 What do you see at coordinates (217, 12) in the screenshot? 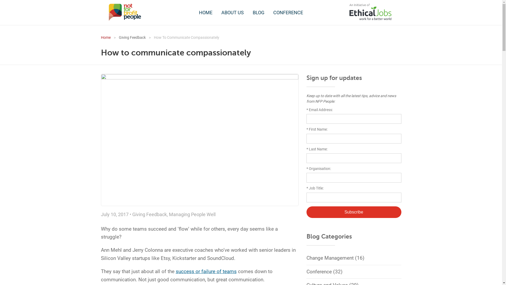
I see `'ABOUT US'` at bounding box center [217, 12].